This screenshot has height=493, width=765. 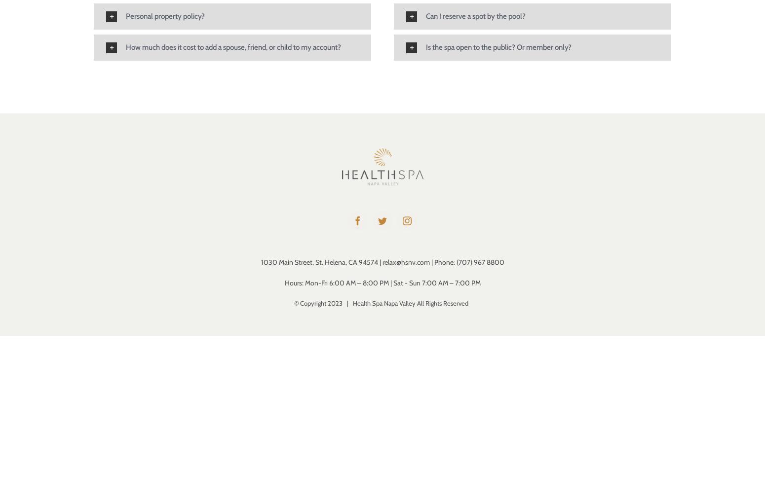 What do you see at coordinates (398, 303) in the screenshot?
I see `'2023   |   Health Spa Napa Valley  All Rights Reserved'` at bounding box center [398, 303].